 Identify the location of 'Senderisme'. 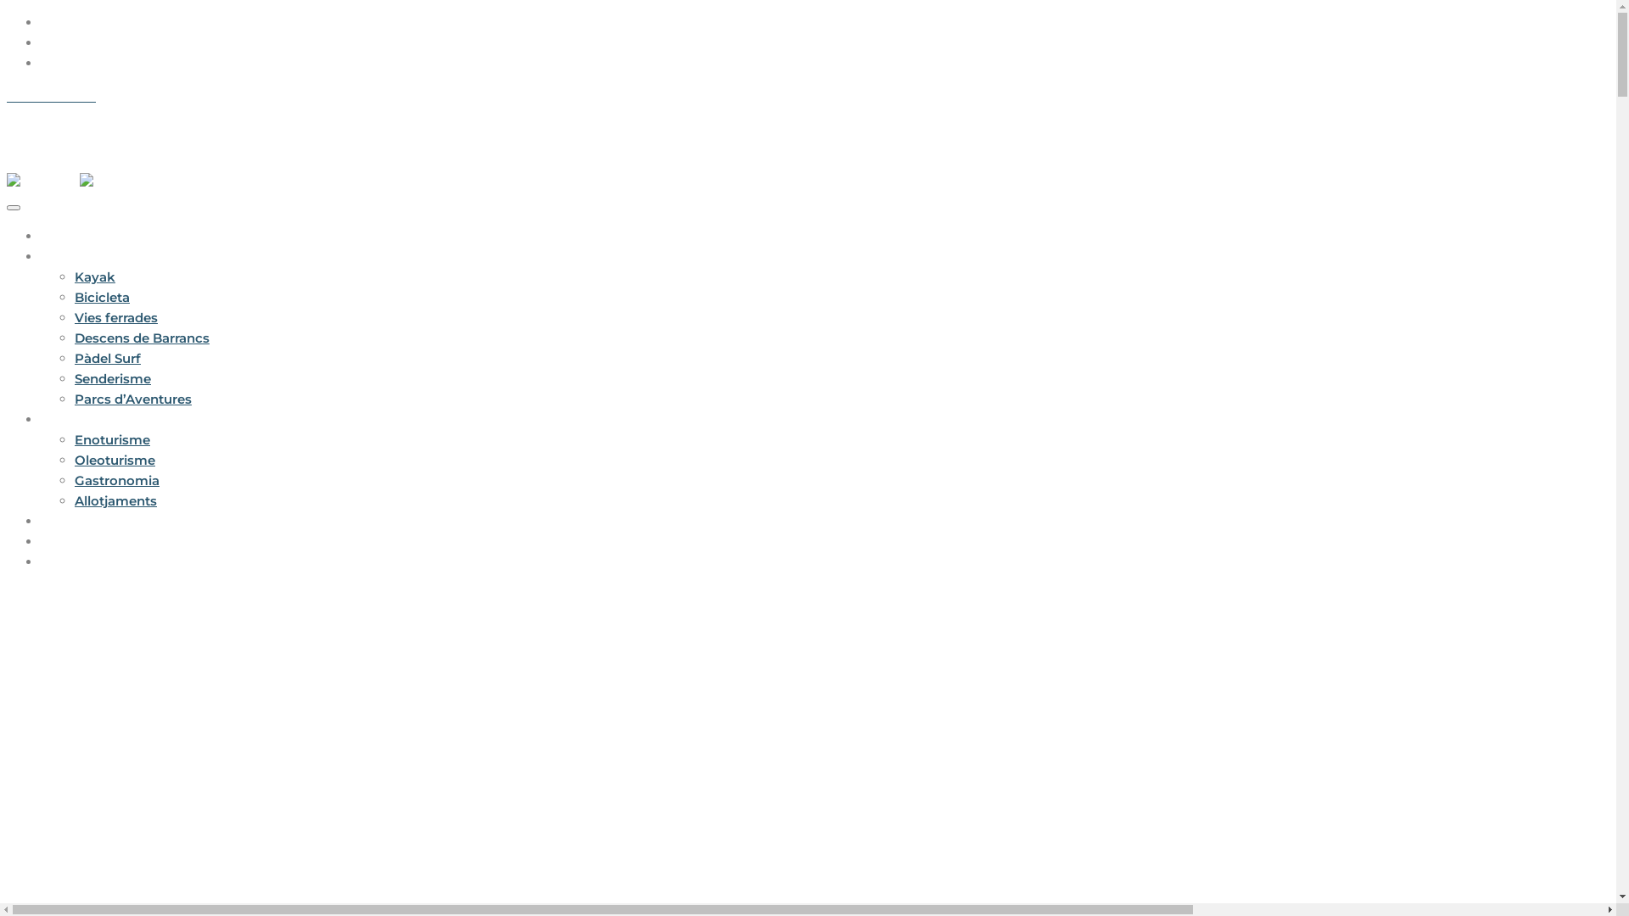
(112, 377).